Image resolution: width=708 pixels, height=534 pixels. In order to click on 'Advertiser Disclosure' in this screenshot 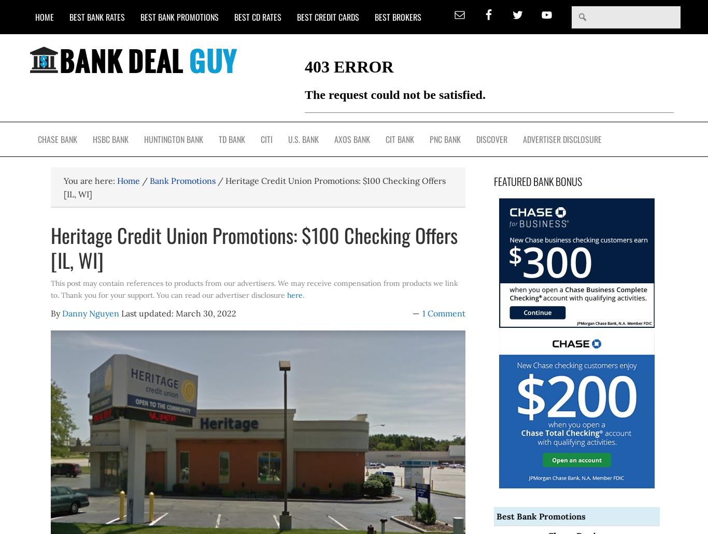, I will do `click(562, 139)`.